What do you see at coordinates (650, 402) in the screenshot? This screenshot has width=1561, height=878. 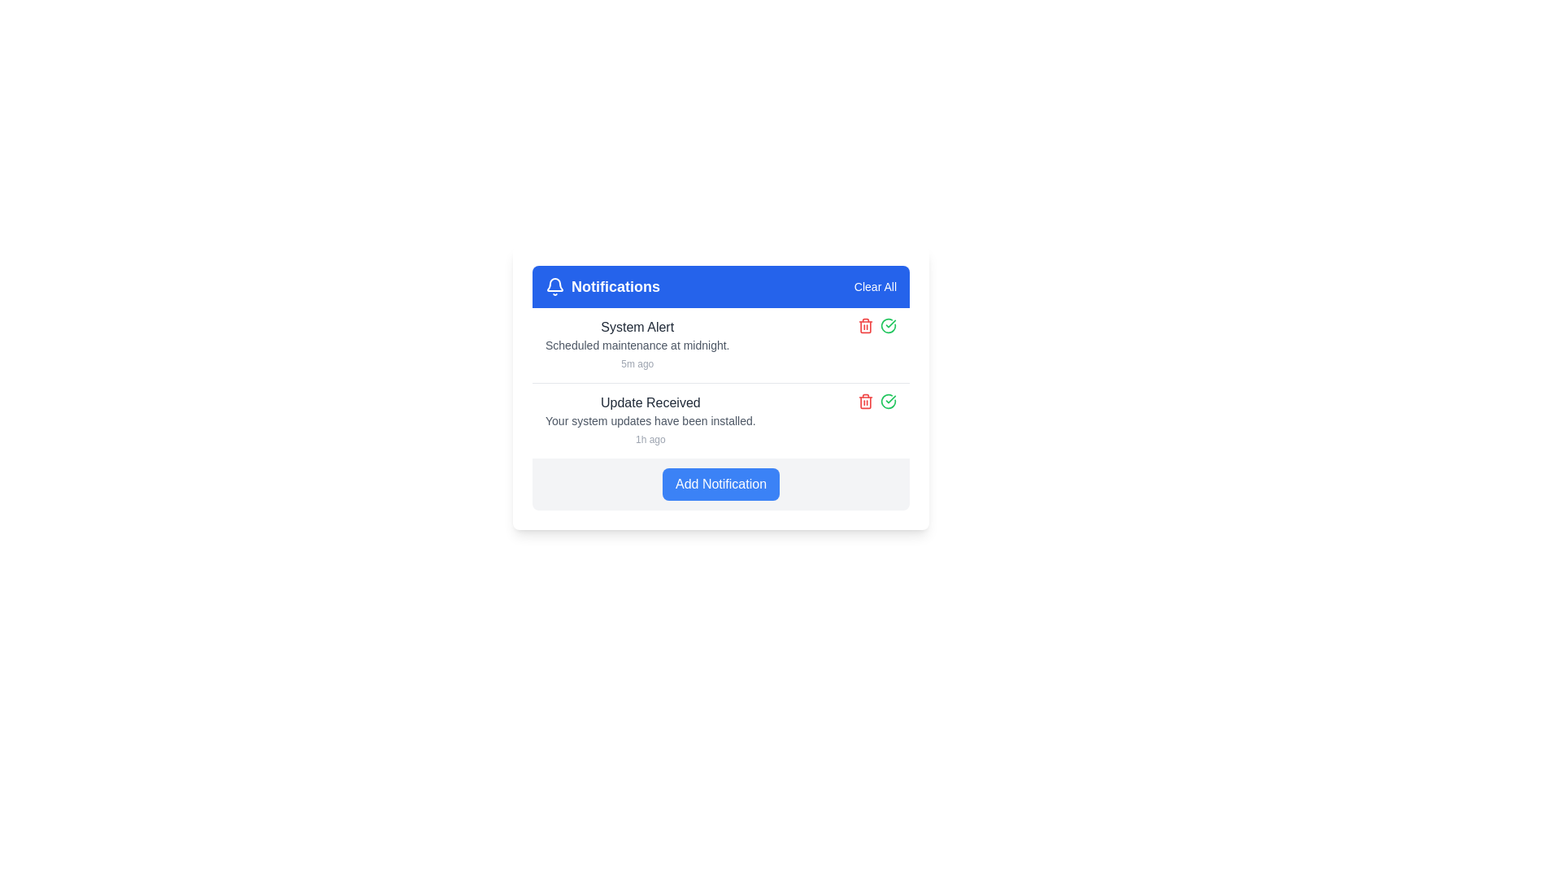 I see `the Text label that serves as the title for a notification message, located within the notification card, positioned second from the top in a vertical list of notifications` at bounding box center [650, 402].